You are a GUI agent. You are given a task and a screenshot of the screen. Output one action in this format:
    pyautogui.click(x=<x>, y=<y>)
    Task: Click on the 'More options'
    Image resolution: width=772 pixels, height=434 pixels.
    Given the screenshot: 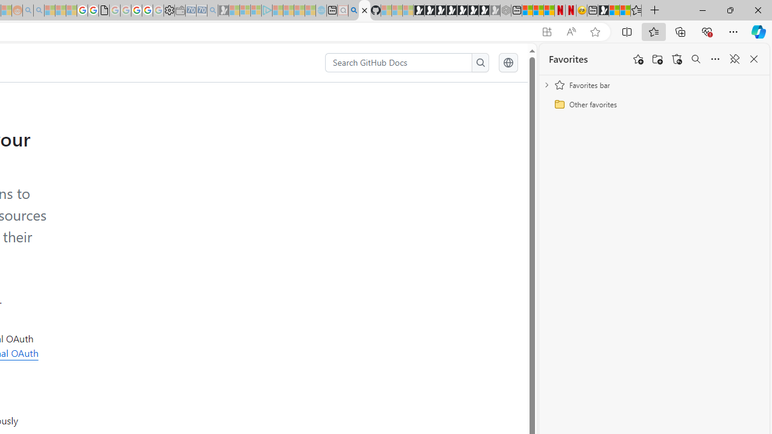 What is the action you would take?
    pyautogui.click(x=715, y=59)
    